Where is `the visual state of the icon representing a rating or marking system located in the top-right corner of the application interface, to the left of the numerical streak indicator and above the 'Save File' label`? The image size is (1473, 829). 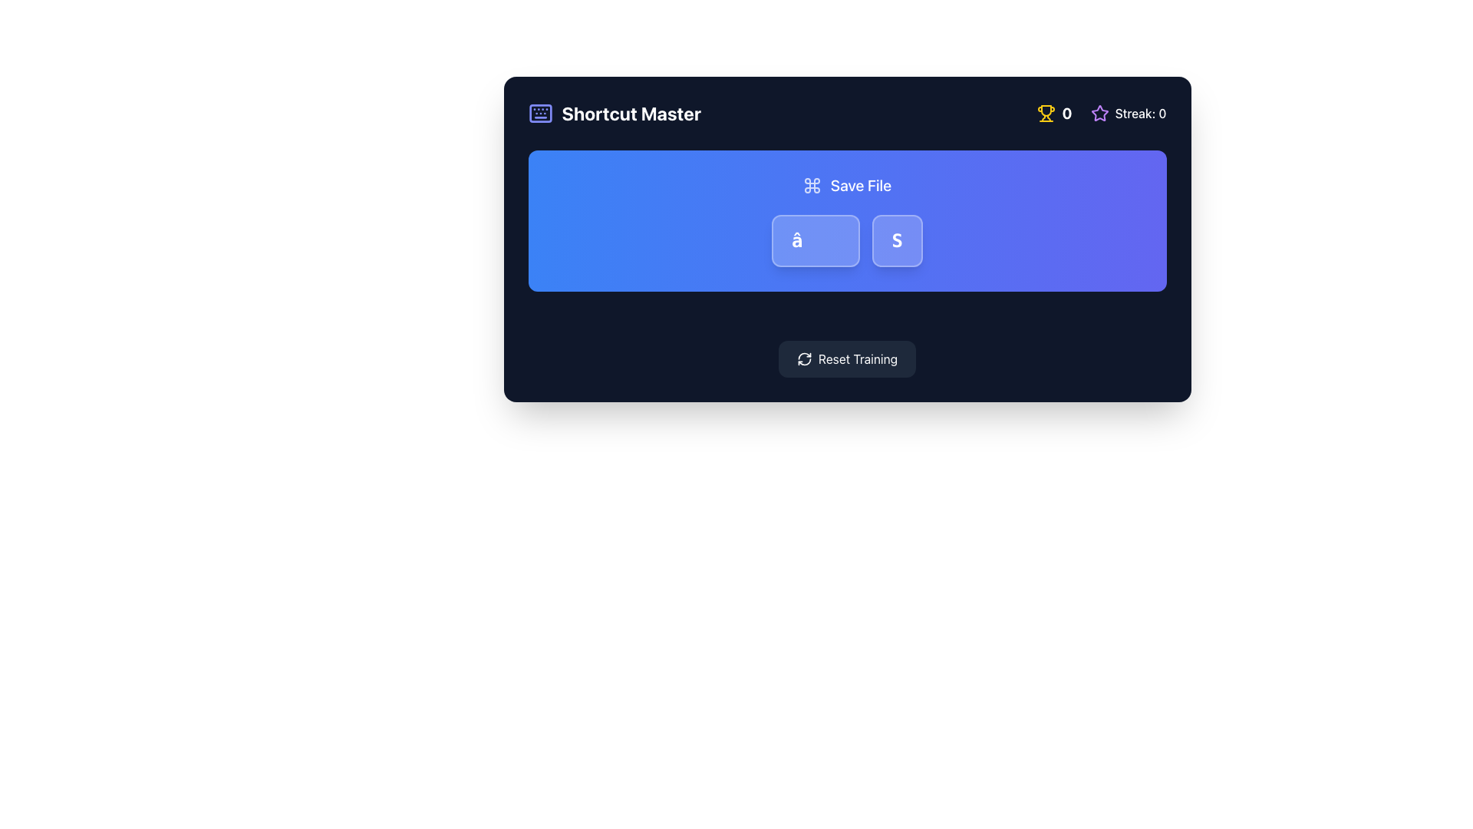
the visual state of the icon representing a rating or marking system located in the top-right corner of the application interface, to the left of the numerical streak indicator and above the 'Save File' label is located at coordinates (1099, 112).